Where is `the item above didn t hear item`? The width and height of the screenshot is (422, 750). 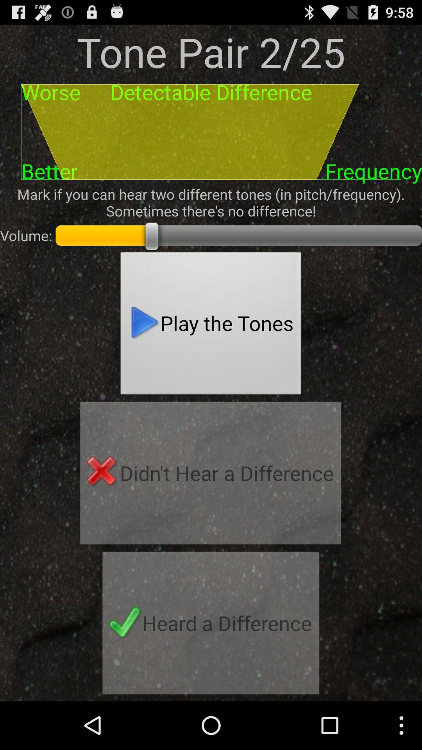
the item above didn t hear item is located at coordinates (211, 325).